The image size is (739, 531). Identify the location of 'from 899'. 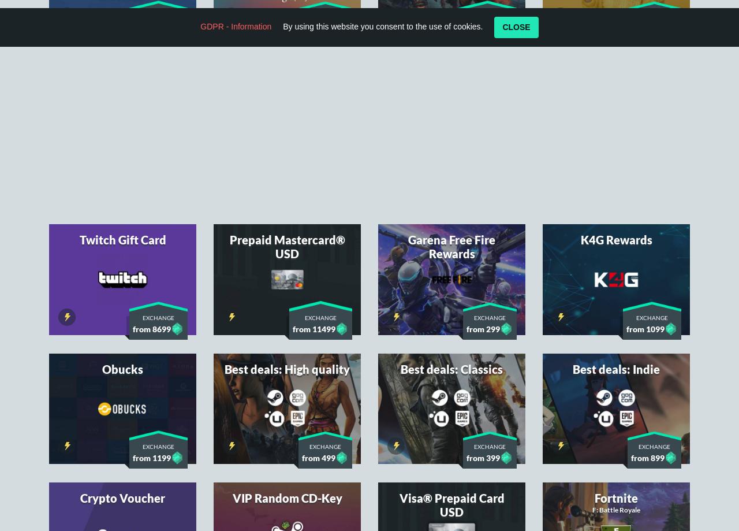
(648, 304).